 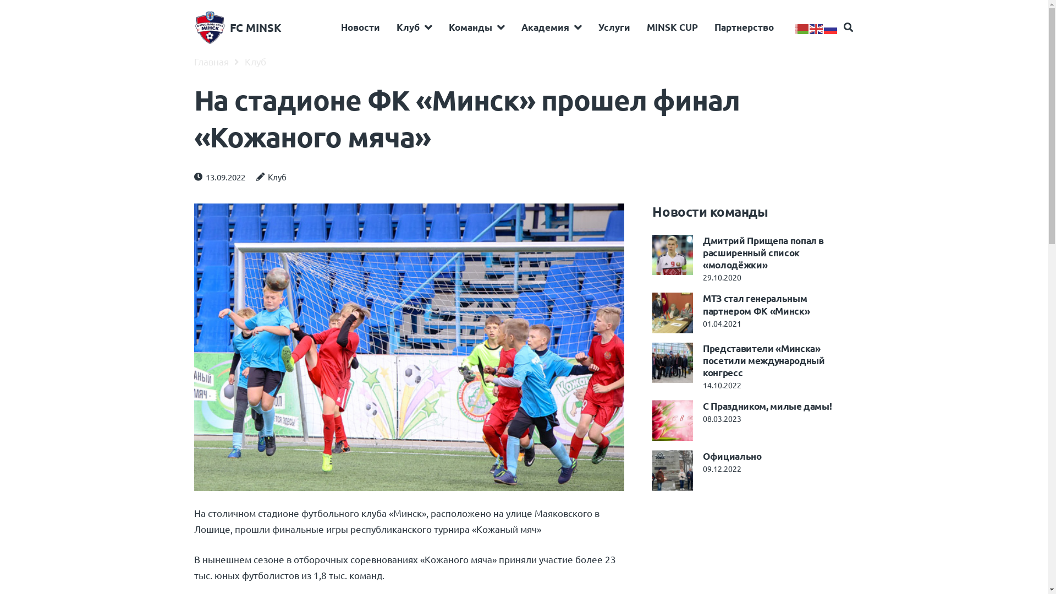 I want to click on 'FC MINSK', so click(x=255, y=27).